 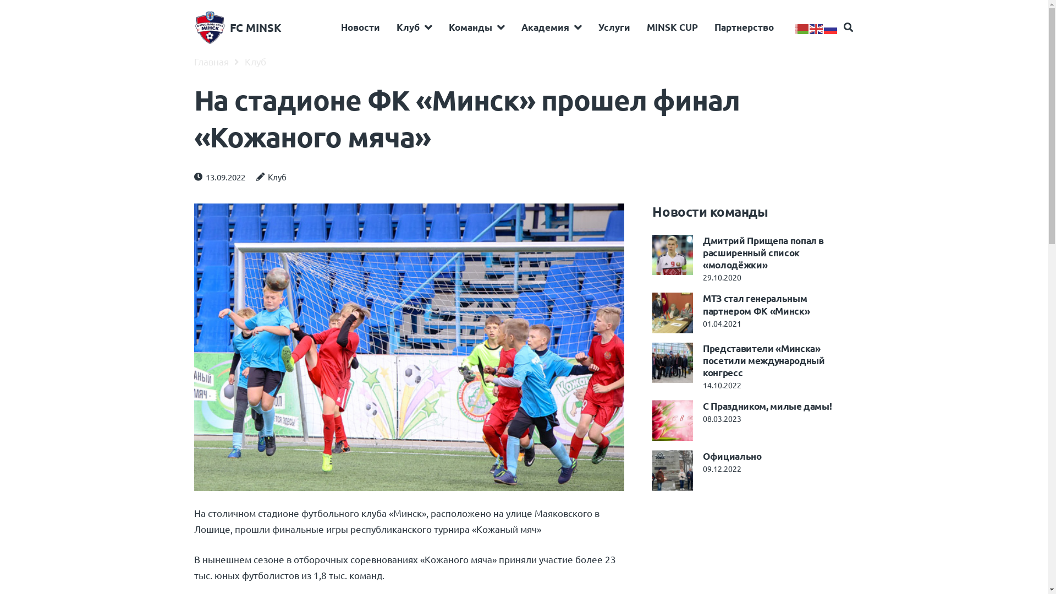 I want to click on 'FC MINSK', so click(x=255, y=27).